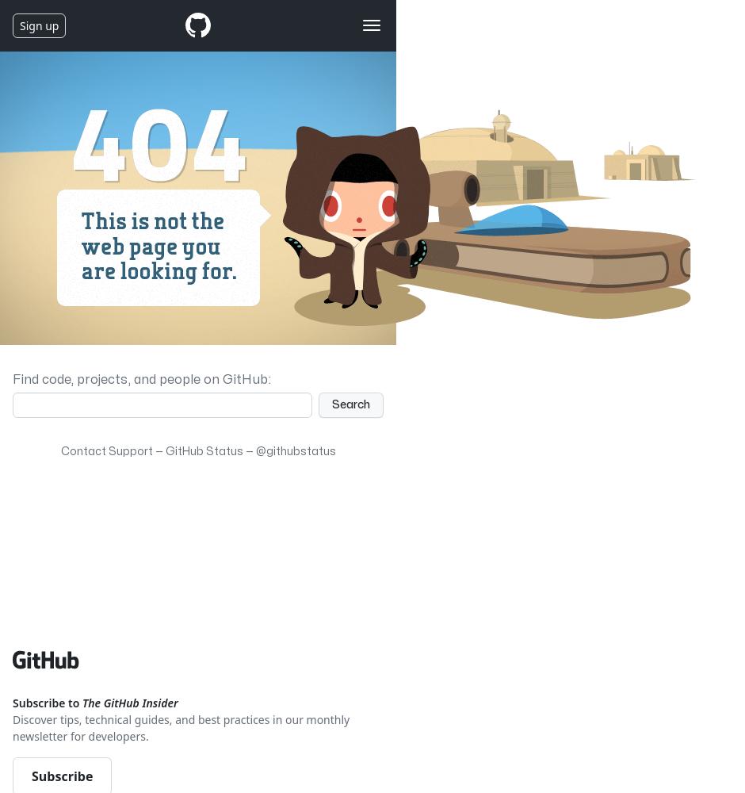 Image resolution: width=745 pixels, height=793 pixels. Describe the element at coordinates (164, 450) in the screenshot. I see `'GitHub Status'` at that location.